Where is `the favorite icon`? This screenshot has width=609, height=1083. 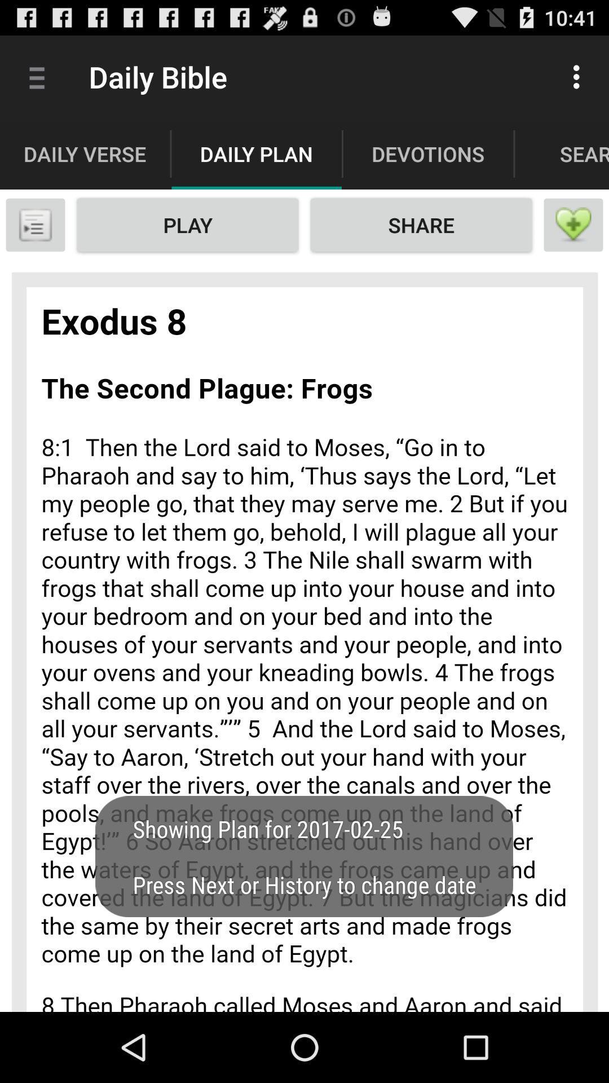
the favorite icon is located at coordinates (573, 240).